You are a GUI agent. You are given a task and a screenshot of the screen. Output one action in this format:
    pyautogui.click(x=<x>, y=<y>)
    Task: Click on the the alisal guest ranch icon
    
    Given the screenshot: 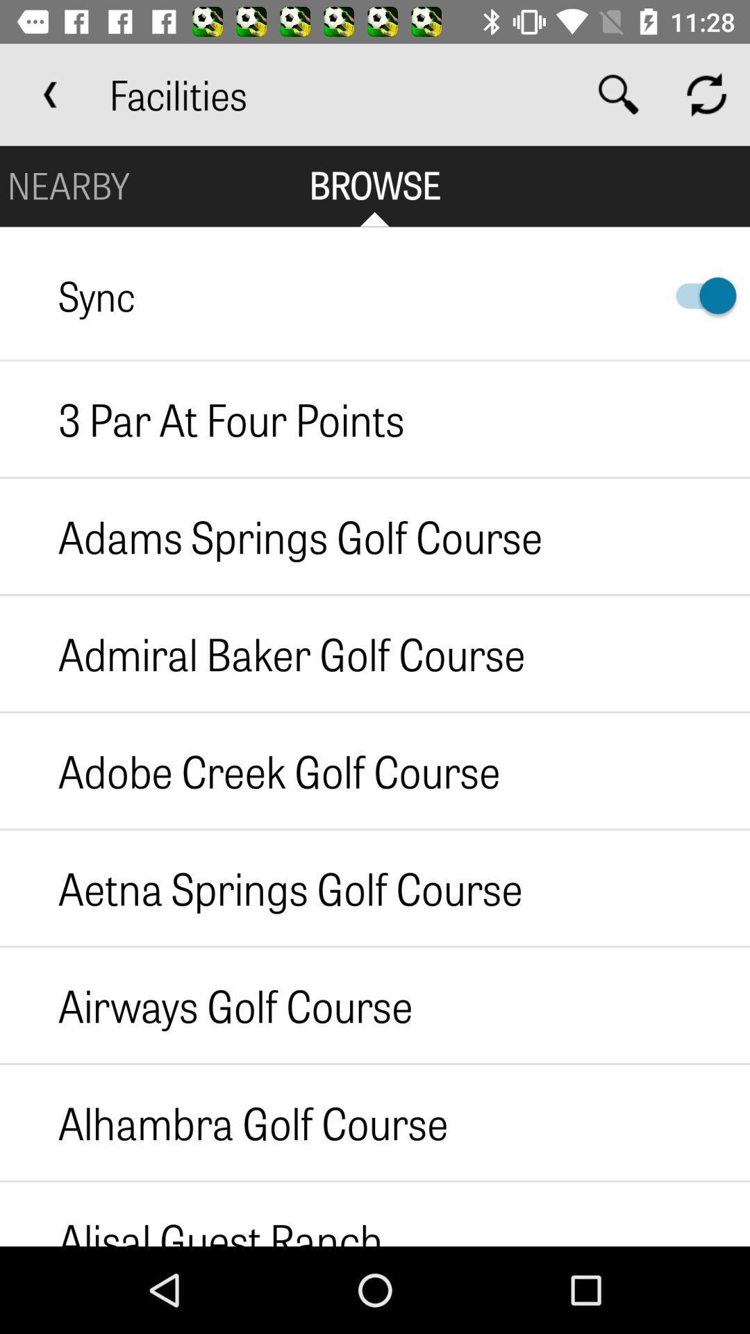 What is the action you would take?
    pyautogui.click(x=191, y=1213)
    